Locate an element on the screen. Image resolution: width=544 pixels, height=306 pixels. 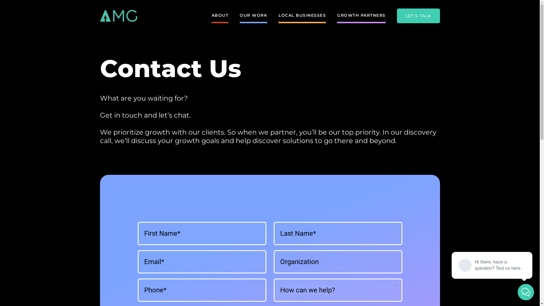
'LOCAL BUSINESSES' is located at coordinates (302, 16).